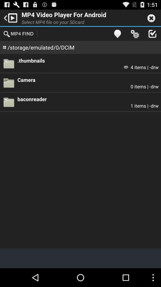  What do you see at coordinates (88, 99) in the screenshot?
I see `baconreader app` at bounding box center [88, 99].